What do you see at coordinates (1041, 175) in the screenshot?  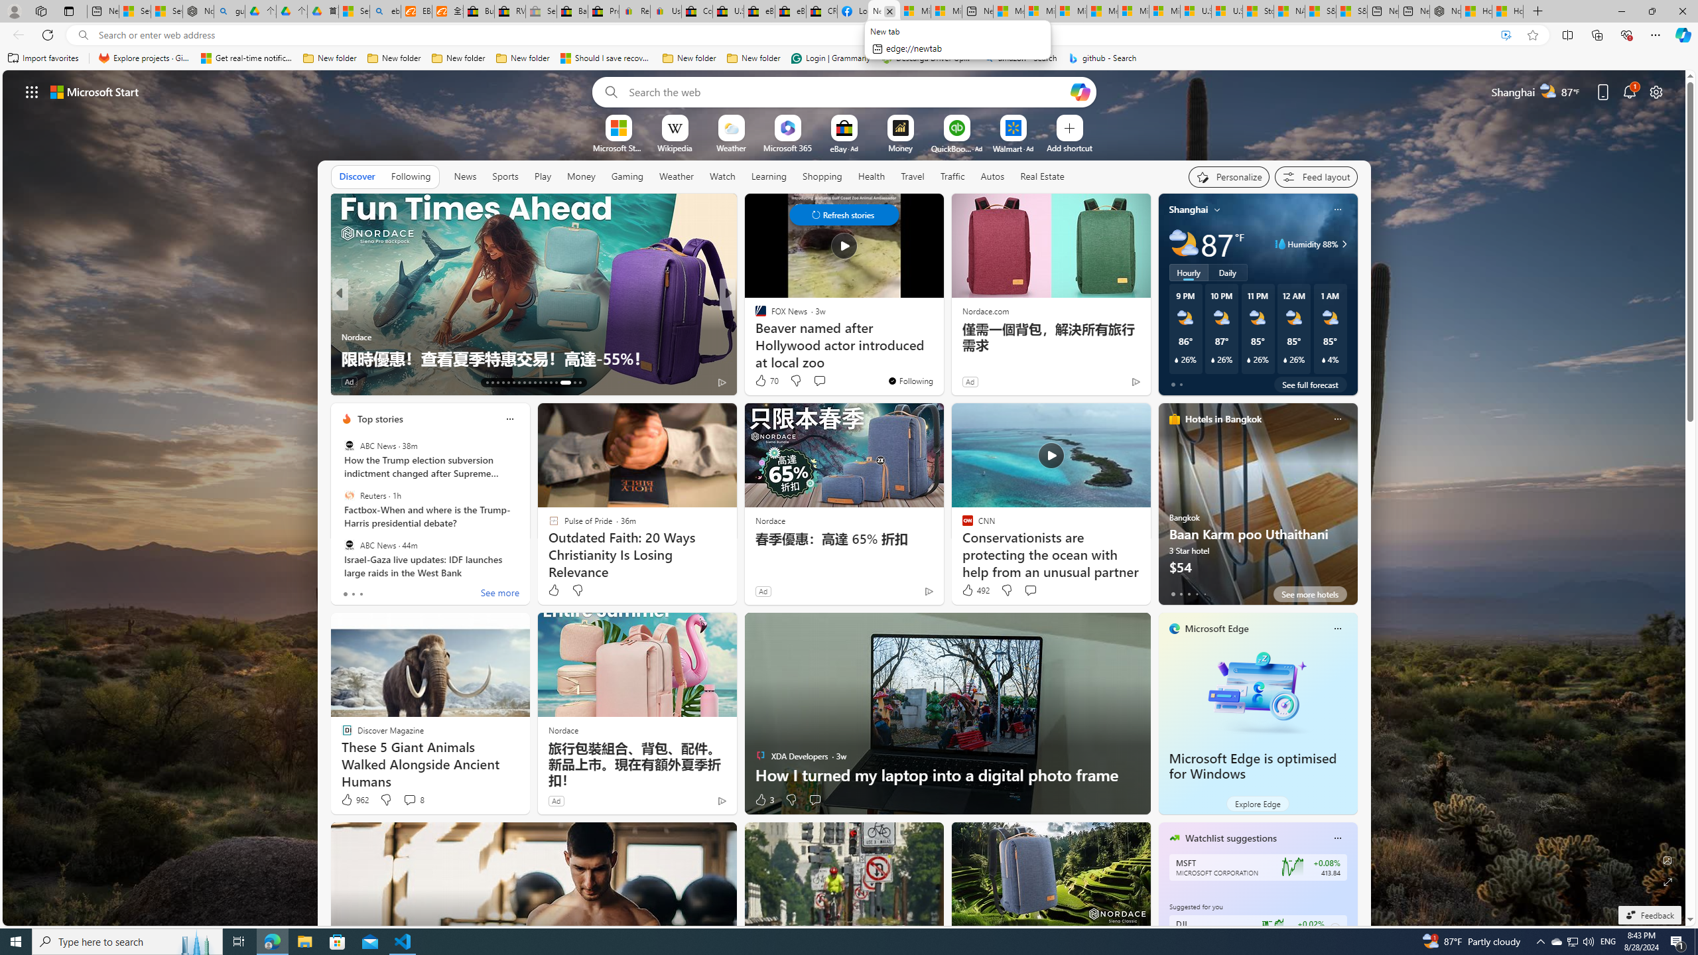 I see `'Real Estate'` at bounding box center [1041, 175].